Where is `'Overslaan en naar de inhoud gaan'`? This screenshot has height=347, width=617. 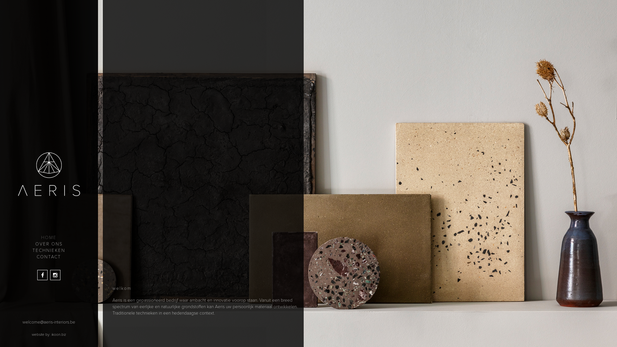
'Overslaan en naar de inhoud gaan' is located at coordinates (0, 0).